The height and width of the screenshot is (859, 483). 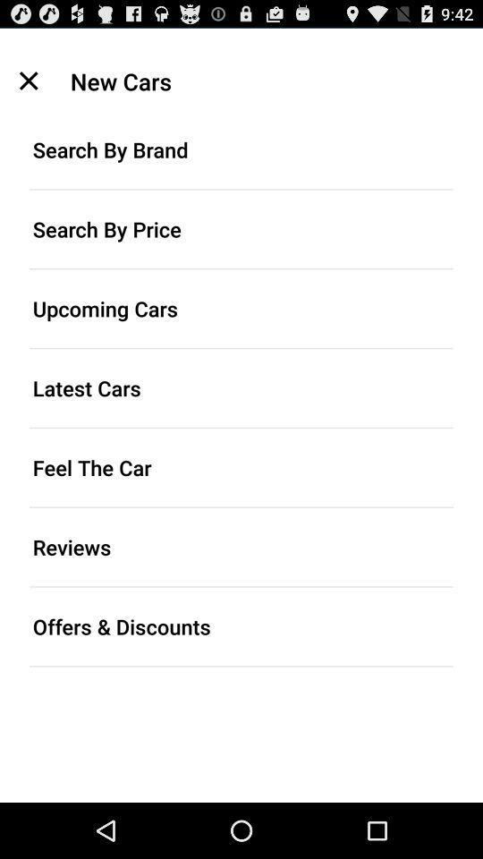 I want to click on latest cars item, so click(x=241, y=387).